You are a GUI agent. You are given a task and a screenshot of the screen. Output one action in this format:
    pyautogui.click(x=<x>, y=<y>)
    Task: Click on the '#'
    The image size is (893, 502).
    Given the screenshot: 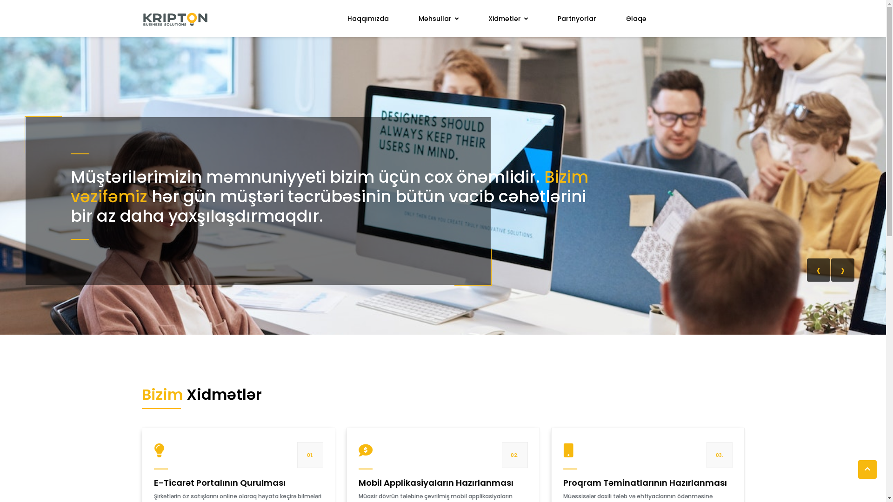 What is the action you would take?
    pyautogui.click(x=175, y=19)
    